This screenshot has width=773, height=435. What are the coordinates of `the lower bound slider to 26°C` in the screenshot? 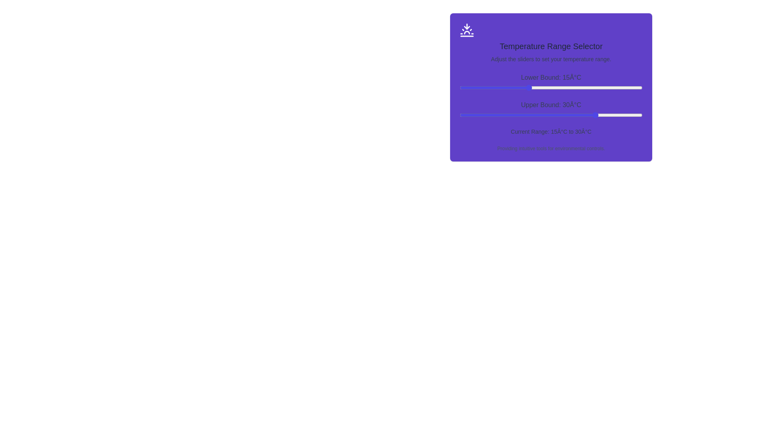 It's located at (578, 88).